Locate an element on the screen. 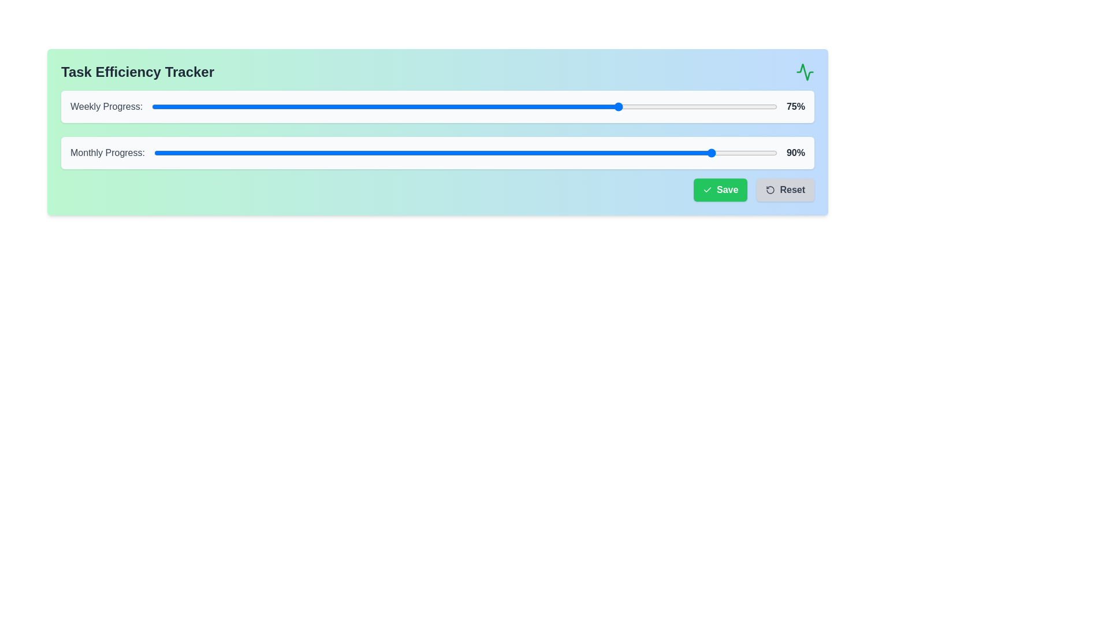 This screenshot has height=624, width=1109. the 'Reset' button to reset the progress values is located at coordinates (785, 189).